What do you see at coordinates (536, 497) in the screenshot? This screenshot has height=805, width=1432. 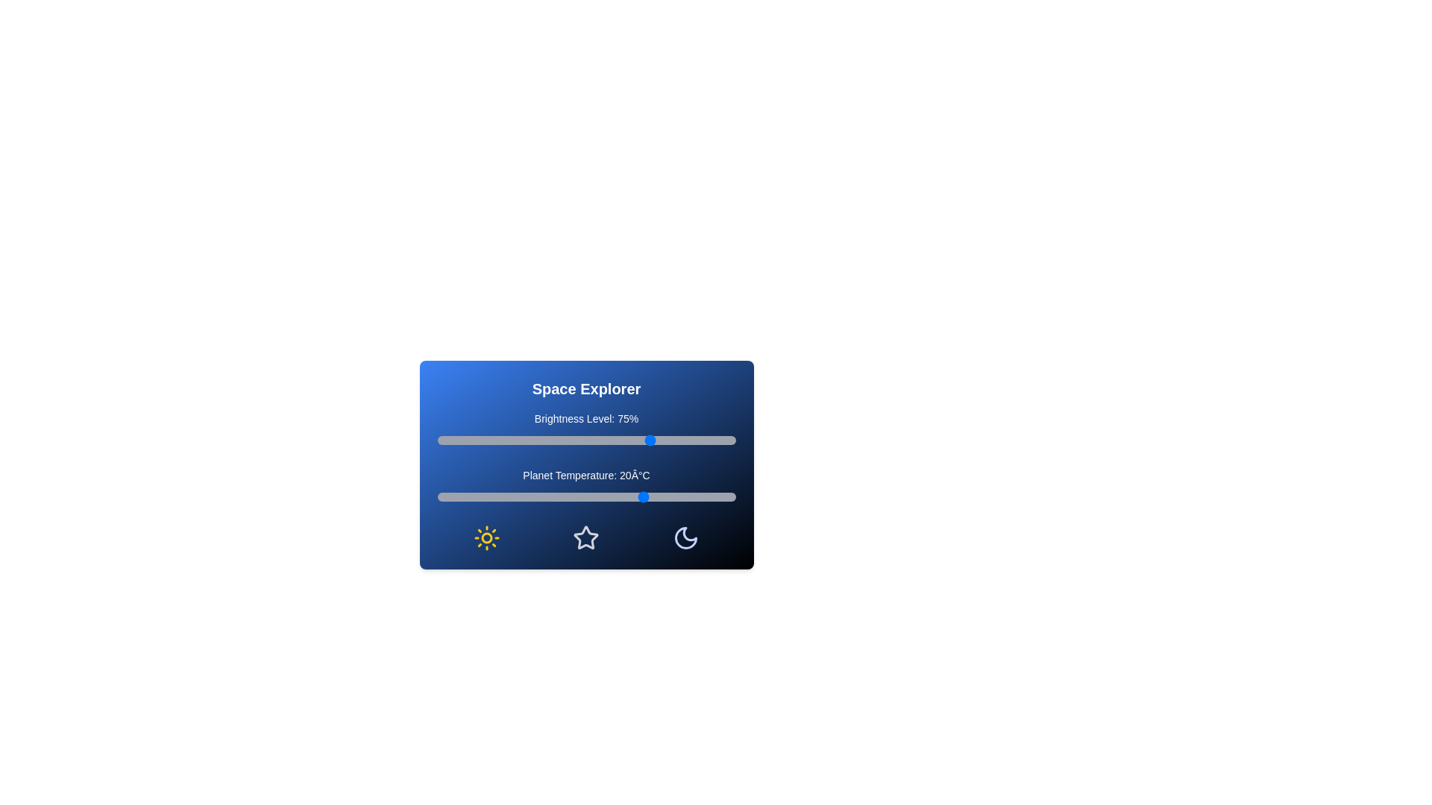 I see `the planet temperature slider to -17°C` at bounding box center [536, 497].